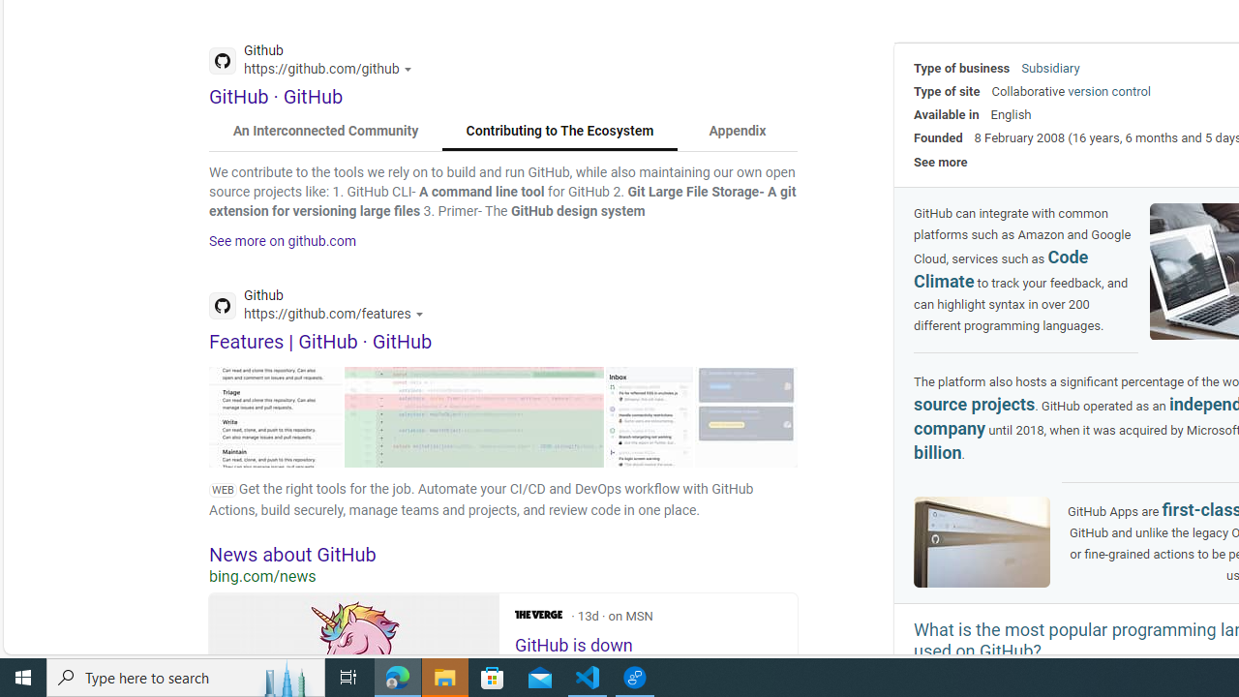 The image size is (1239, 697). Describe the element at coordinates (947, 91) in the screenshot. I see `'Type of site'` at that location.